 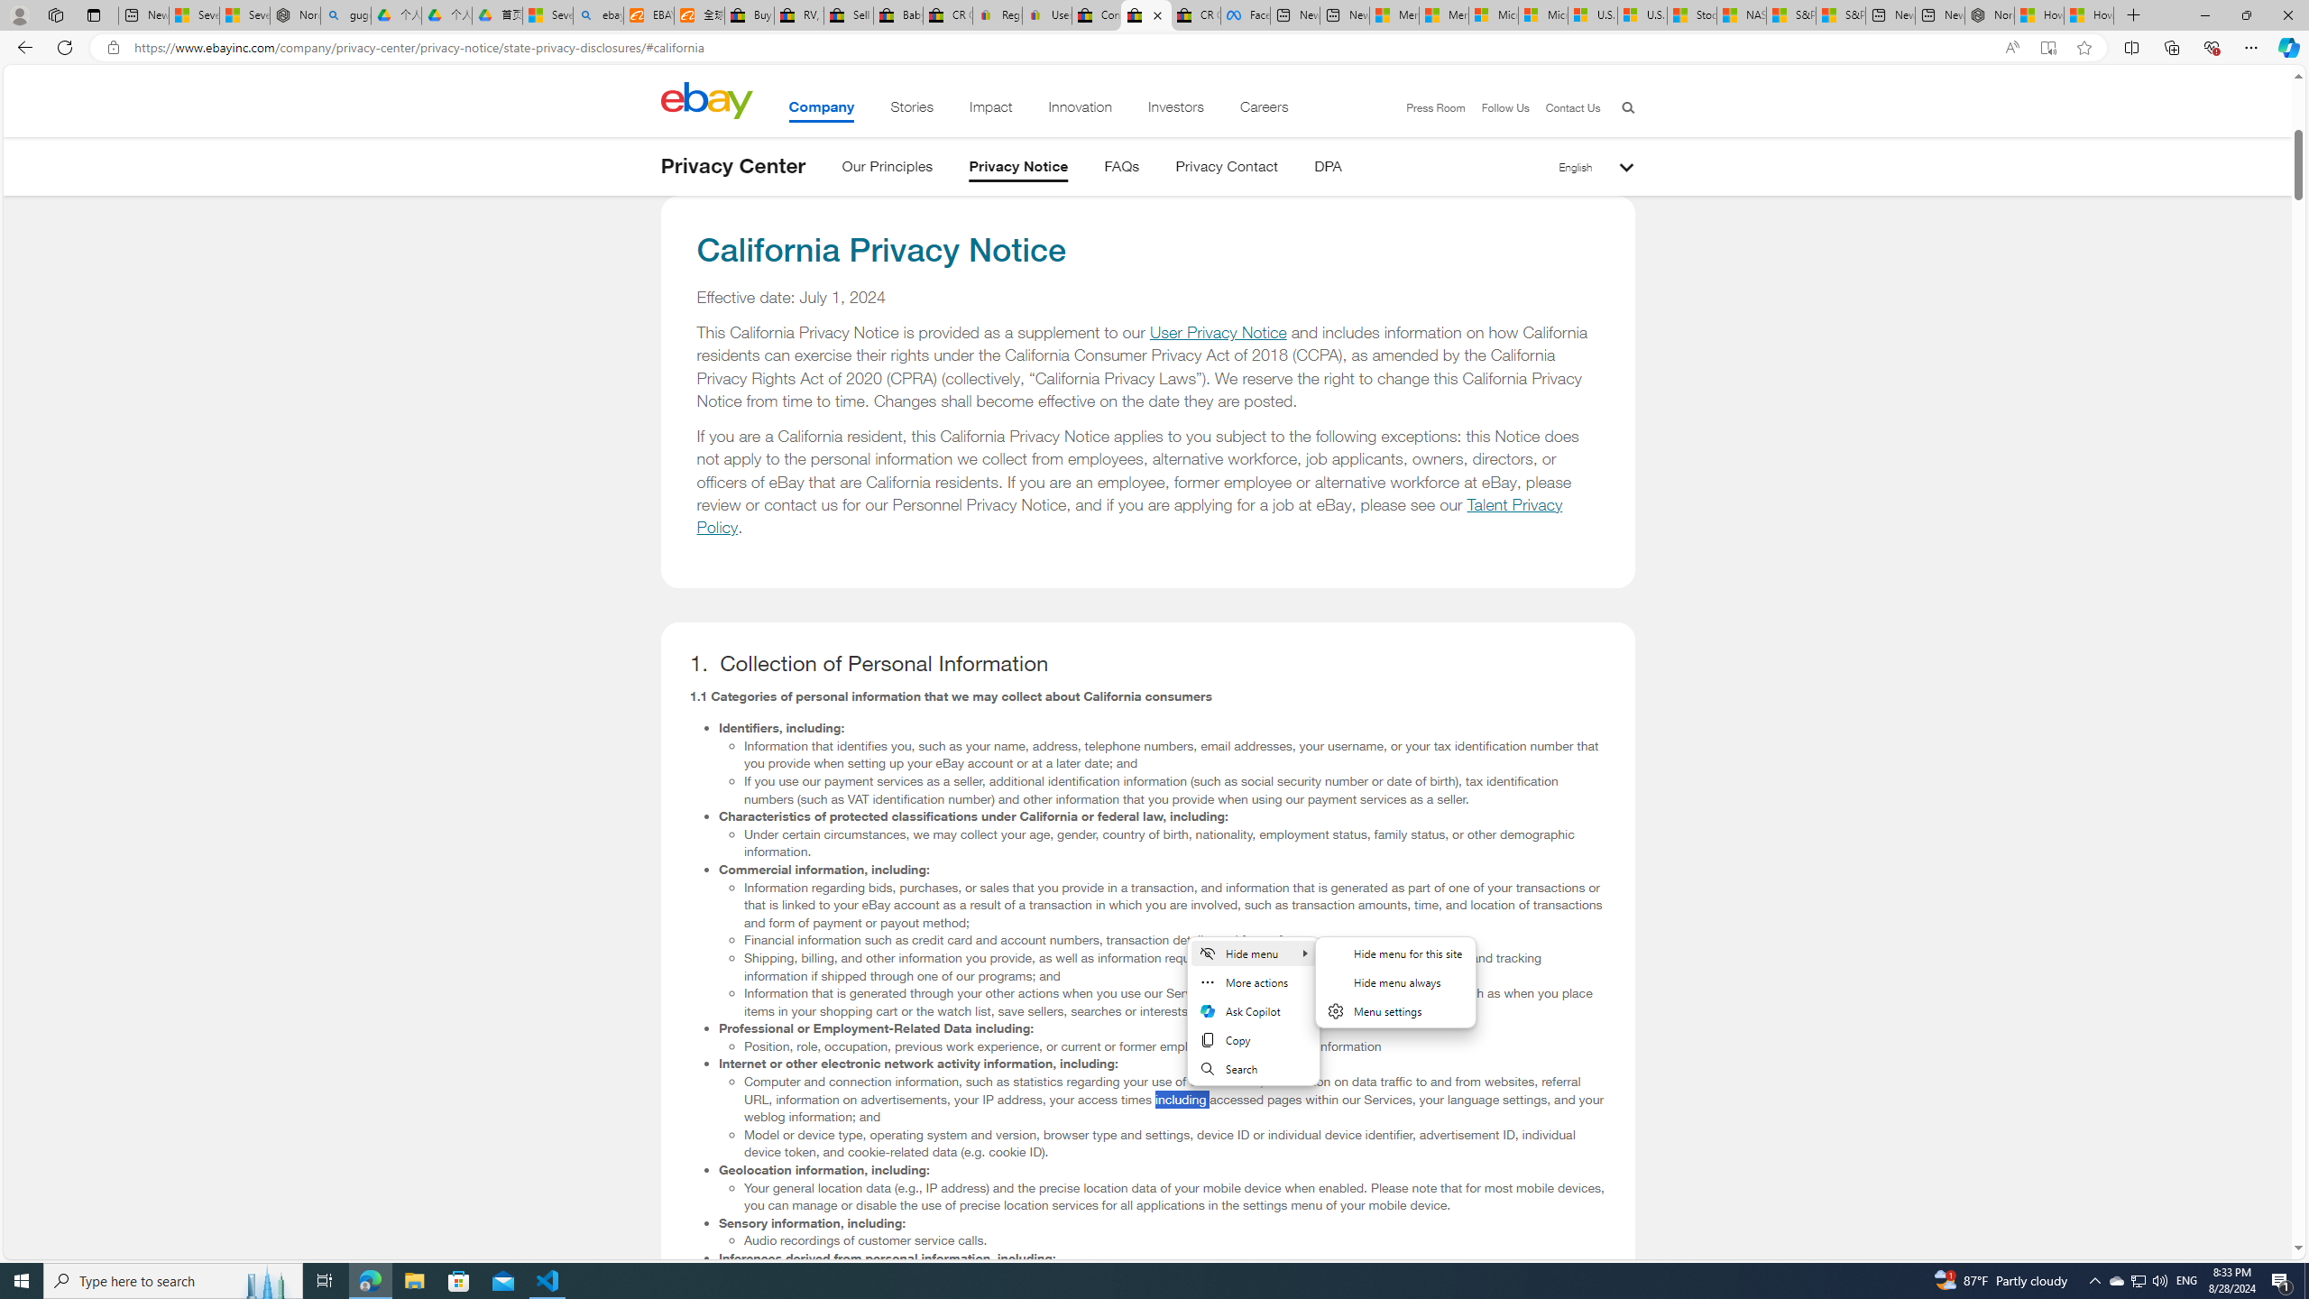 What do you see at coordinates (1146, 14) in the screenshot?
I see `'U.S. State Privacy Disclosures - eBay Inc.'` at bounding box center [1146, 14].